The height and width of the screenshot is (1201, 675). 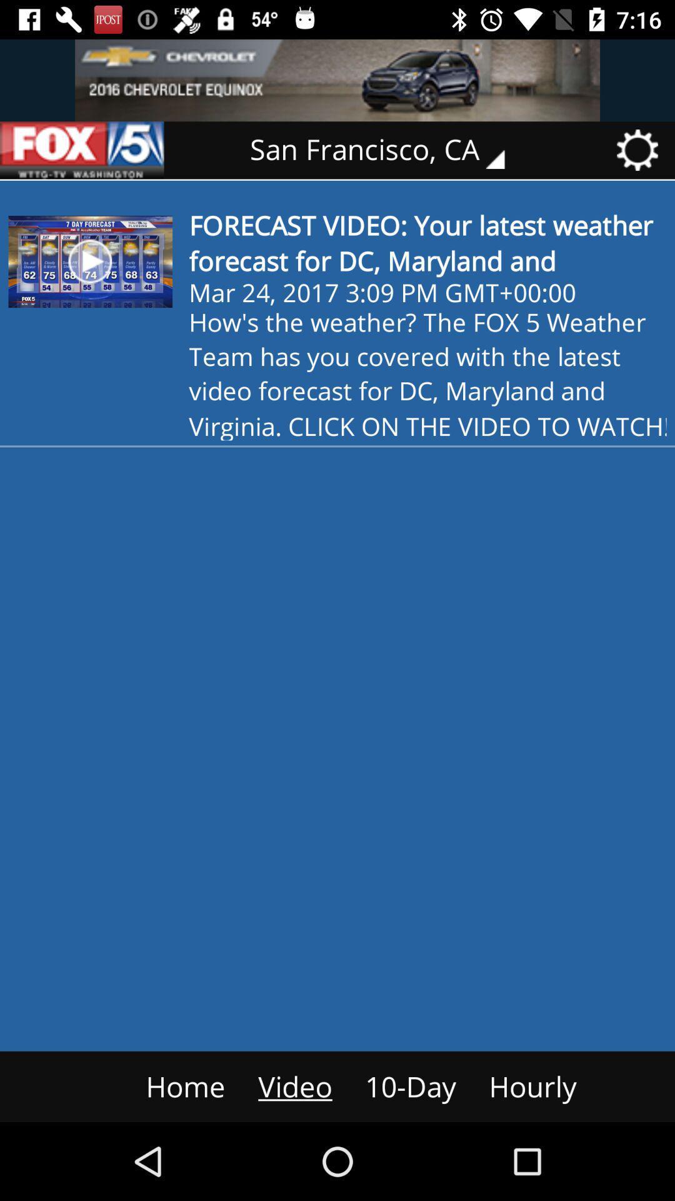 I want to click on advertisement, so click(x=82, y=150).